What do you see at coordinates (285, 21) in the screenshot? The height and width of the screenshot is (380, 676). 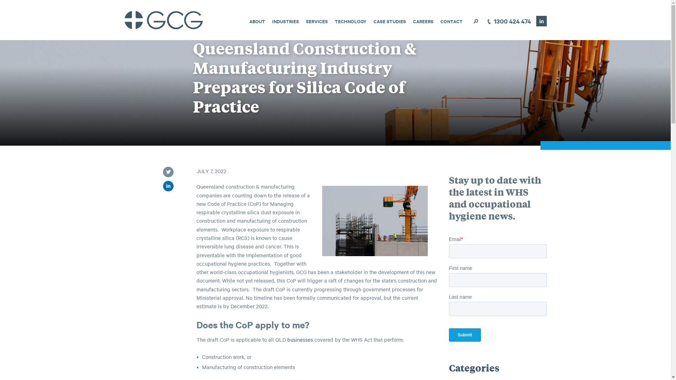 I see `'INDUSTRIES'` at bounding box center [285, 21].